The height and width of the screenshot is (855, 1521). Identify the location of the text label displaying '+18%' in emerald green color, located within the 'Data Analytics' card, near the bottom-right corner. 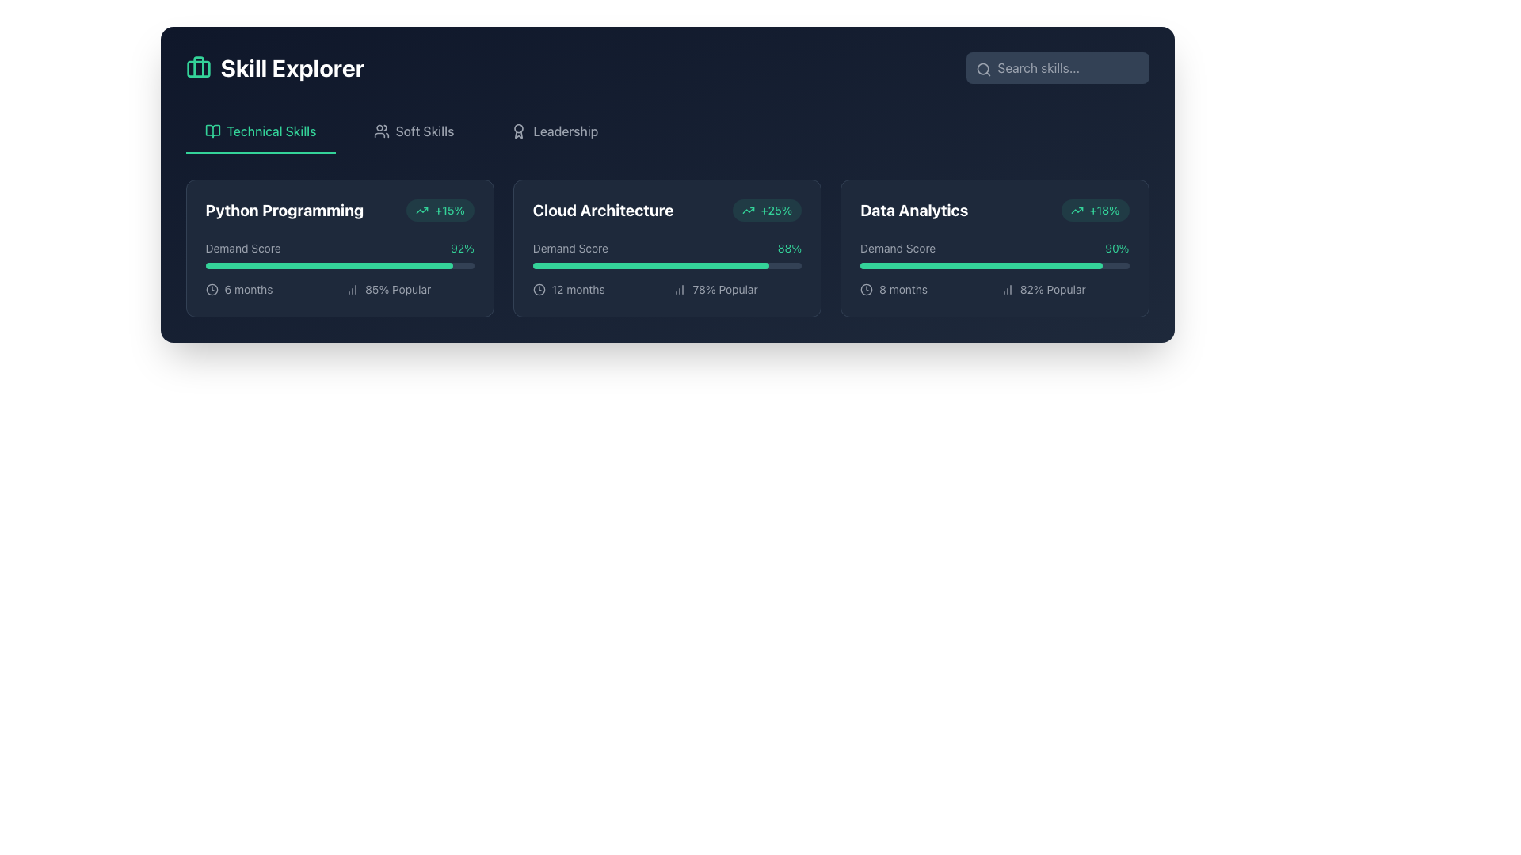
(1104, 210).